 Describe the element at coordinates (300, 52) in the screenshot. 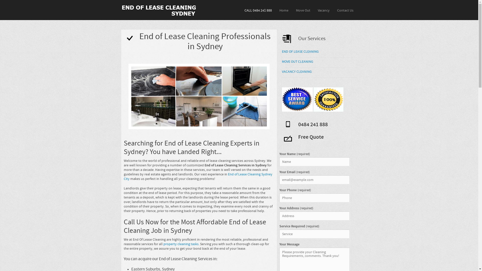

I see `'END OF LEASE CLEANING'` at that location.